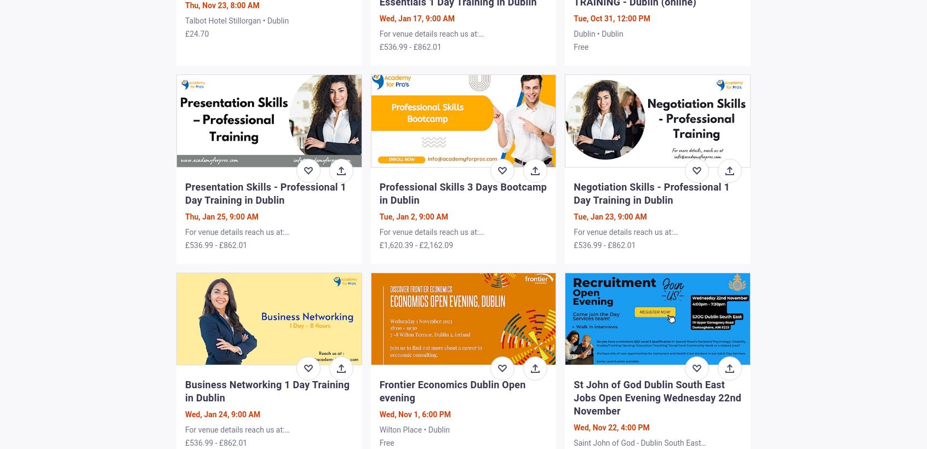 The width and height of the screenshot is (927, 449). I want to click on 'Presentation Skills - Professional 1 Day Training in Dublin', so click(265, 192).